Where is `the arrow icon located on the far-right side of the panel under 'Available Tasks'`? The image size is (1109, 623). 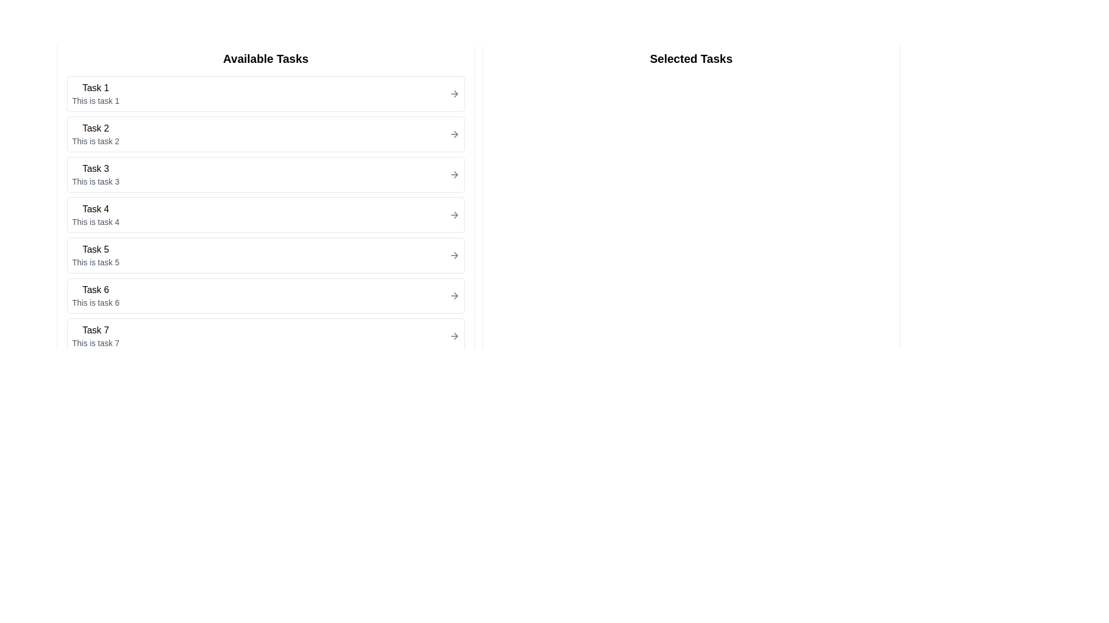
the arrow icon located on the far-right side of the panel under 'Available Tasks' is located at coordinates (453, 93).